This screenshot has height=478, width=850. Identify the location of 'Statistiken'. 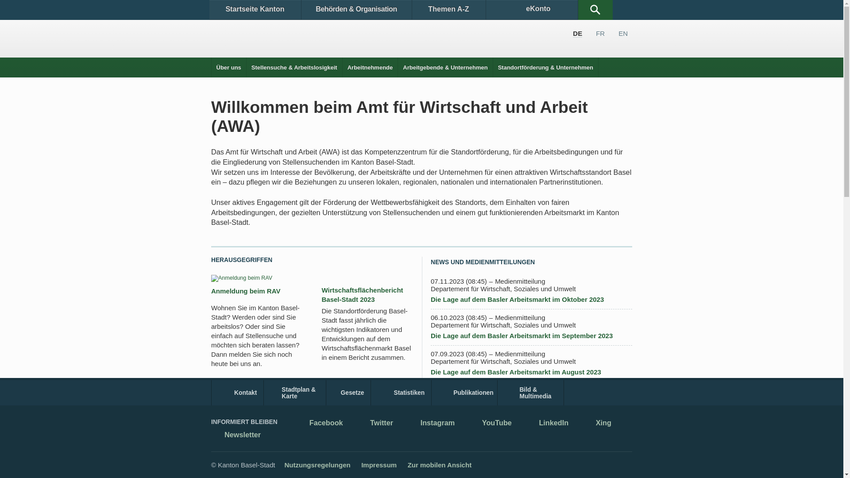
(401, 392).